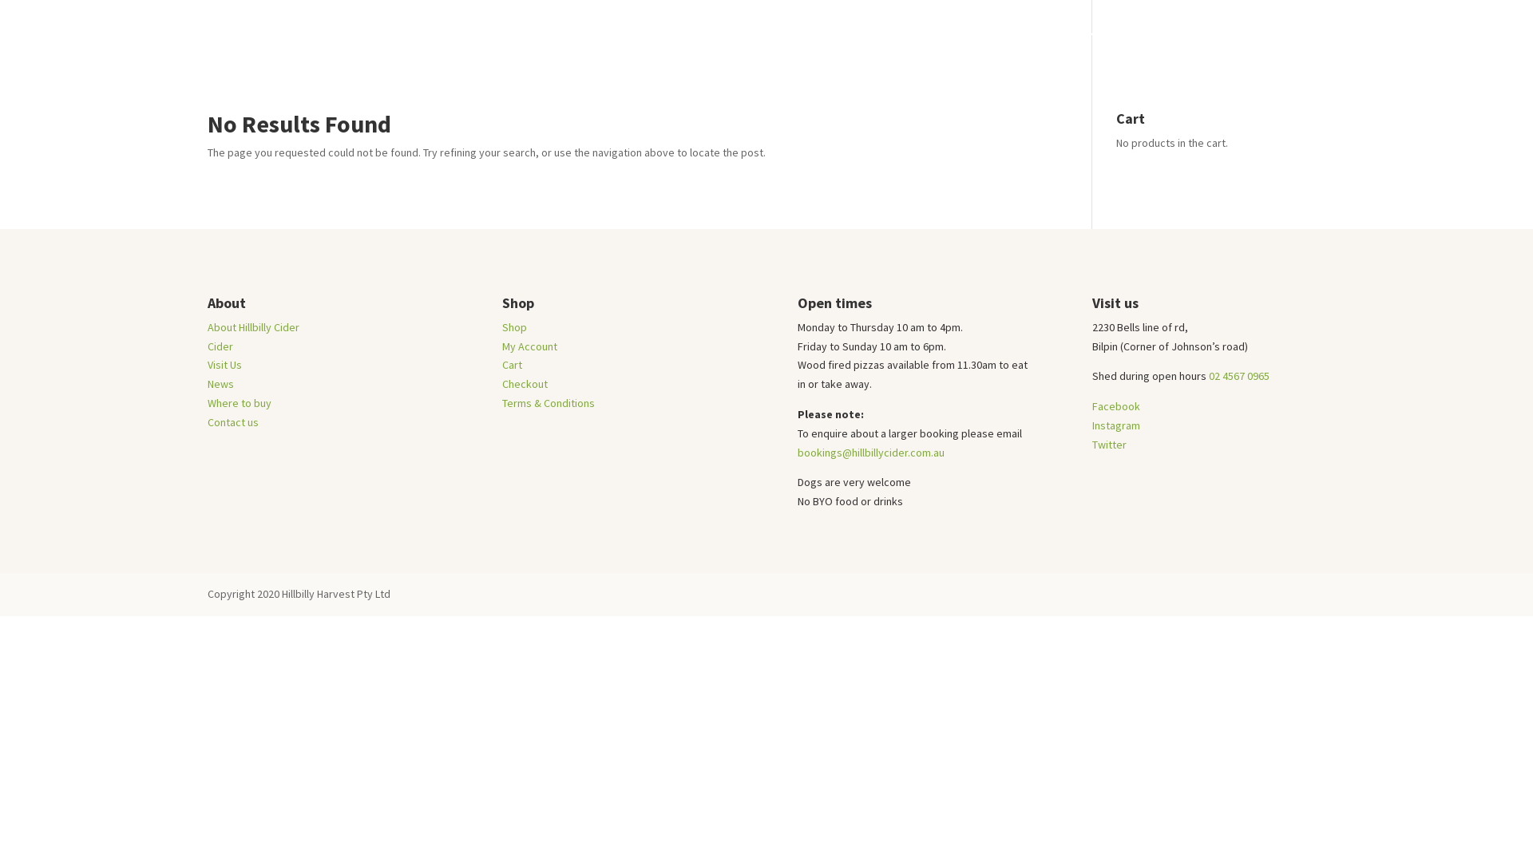 Image resolution: width=1533 pixels, height=862 pixels. Describe the element at coordinates (514, 326) in the screenshot. I see `'Shop'` at that location.